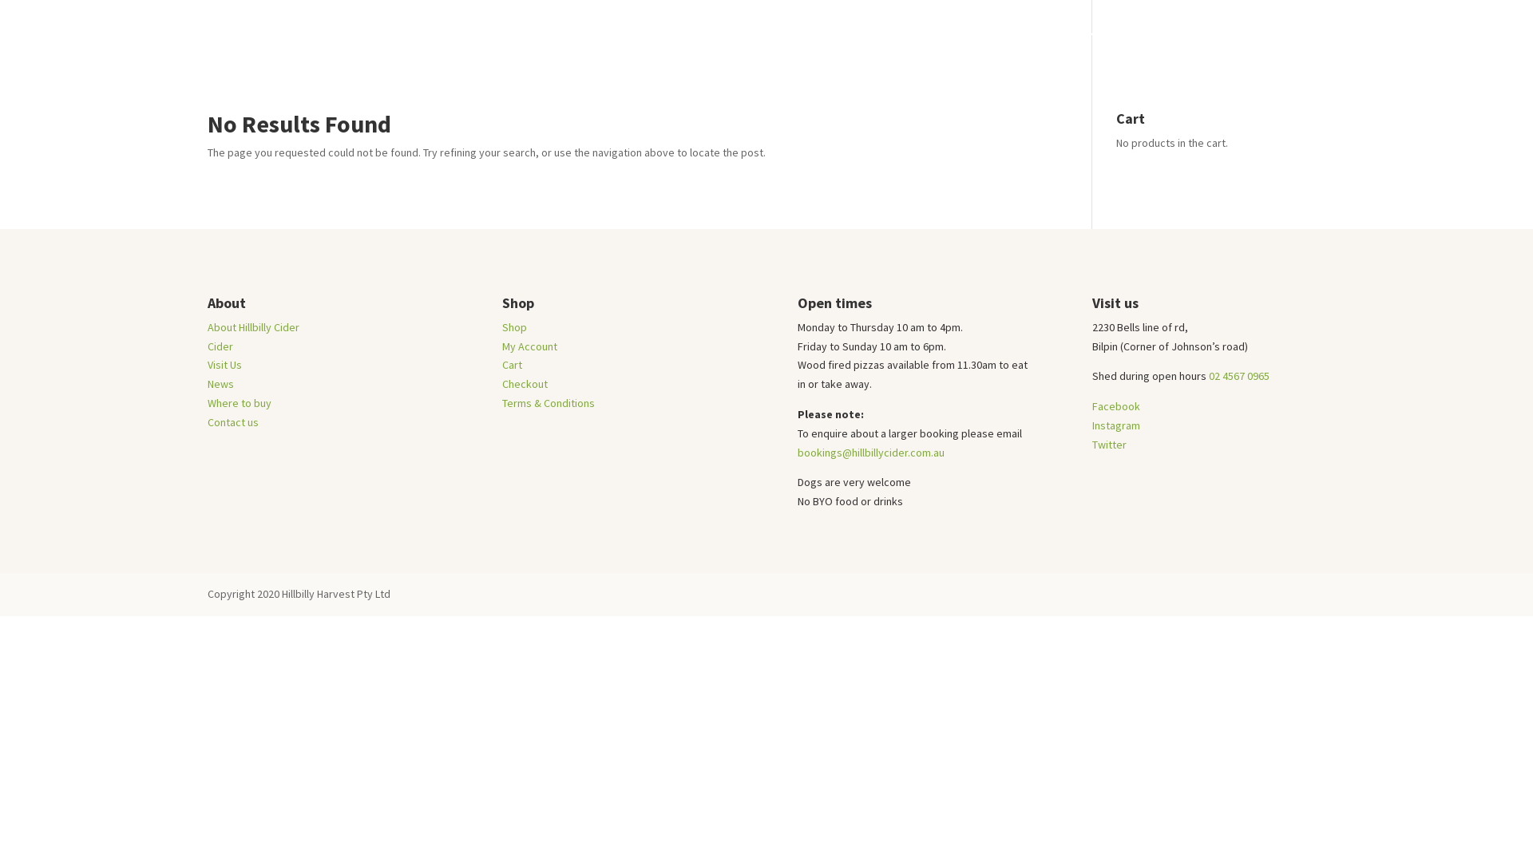 Image resolution: width=1533 pixels, height=862 pixels. Describe the element at coordinates (514, 326) in the screenshot. I see `'Shop'` at that location.